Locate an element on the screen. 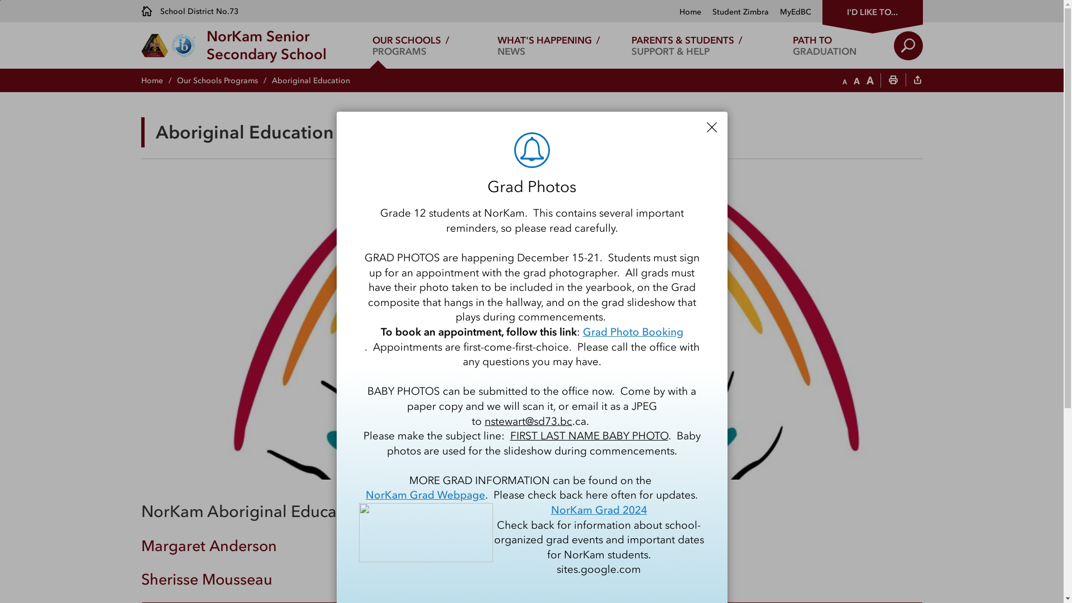 The width and height of the screenshot is (1072, 603). 'WHAT'S HAPPENING is located at coordinates (549, 45).